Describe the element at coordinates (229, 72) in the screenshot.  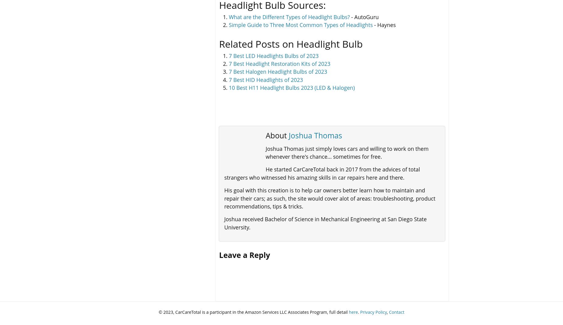
I see `'7 Best Halogen Headlight Bulbs of 2023'` at that location.